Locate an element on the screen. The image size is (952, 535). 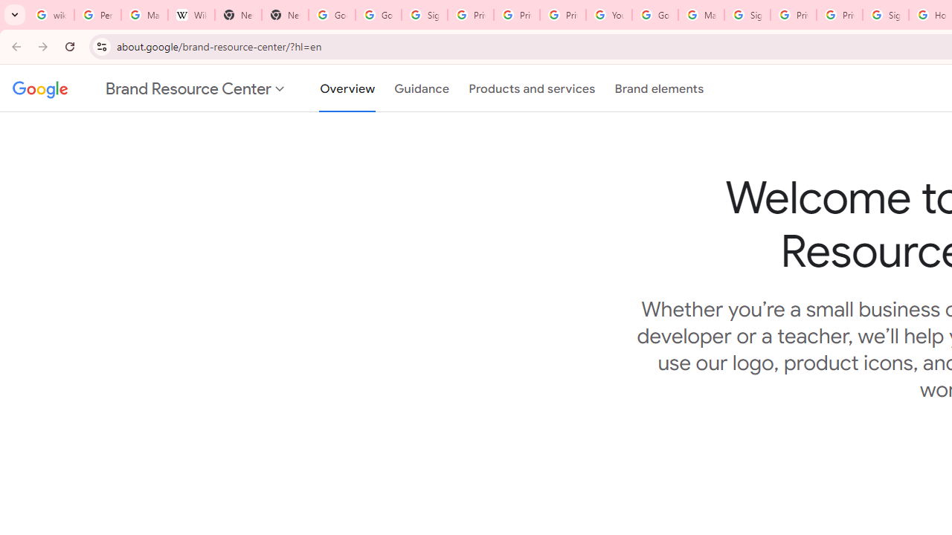
'Products and services' is located at coordinates (532, 88).